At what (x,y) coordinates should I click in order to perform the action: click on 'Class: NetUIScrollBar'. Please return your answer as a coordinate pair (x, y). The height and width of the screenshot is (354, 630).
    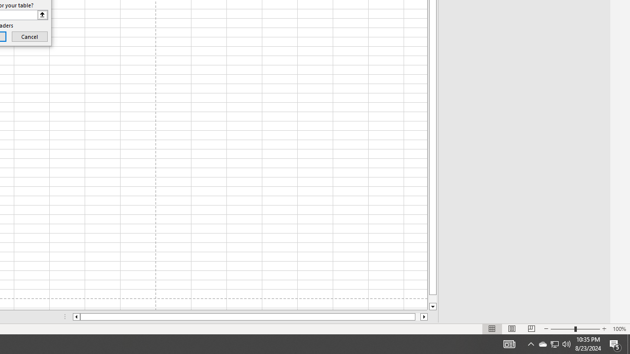
    Looking at the image, I should click on (250, 317).